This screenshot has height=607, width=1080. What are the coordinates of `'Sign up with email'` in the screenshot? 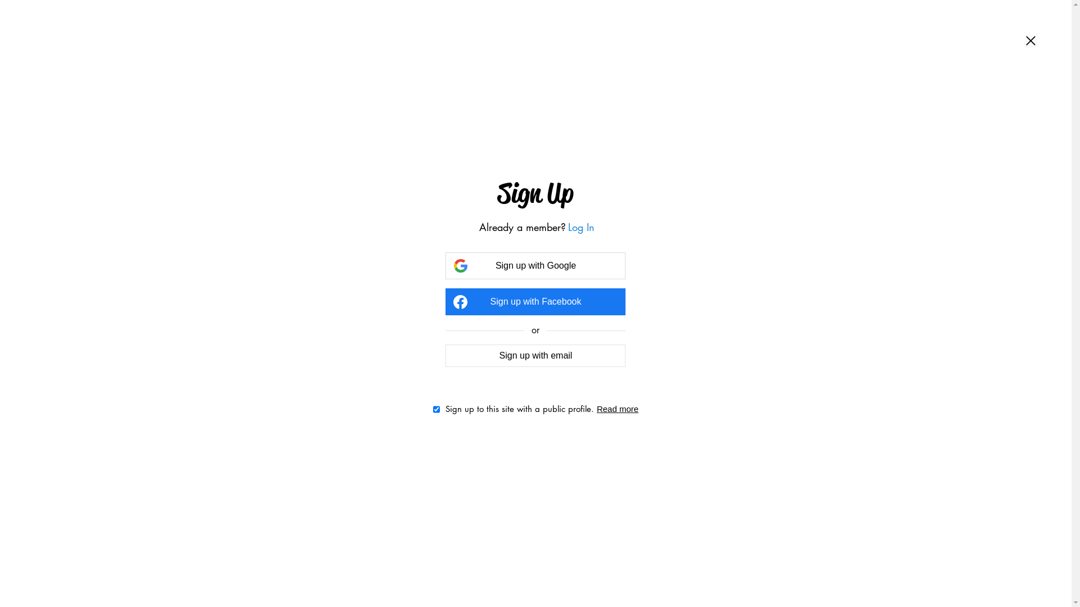 It's located at (534, 355).